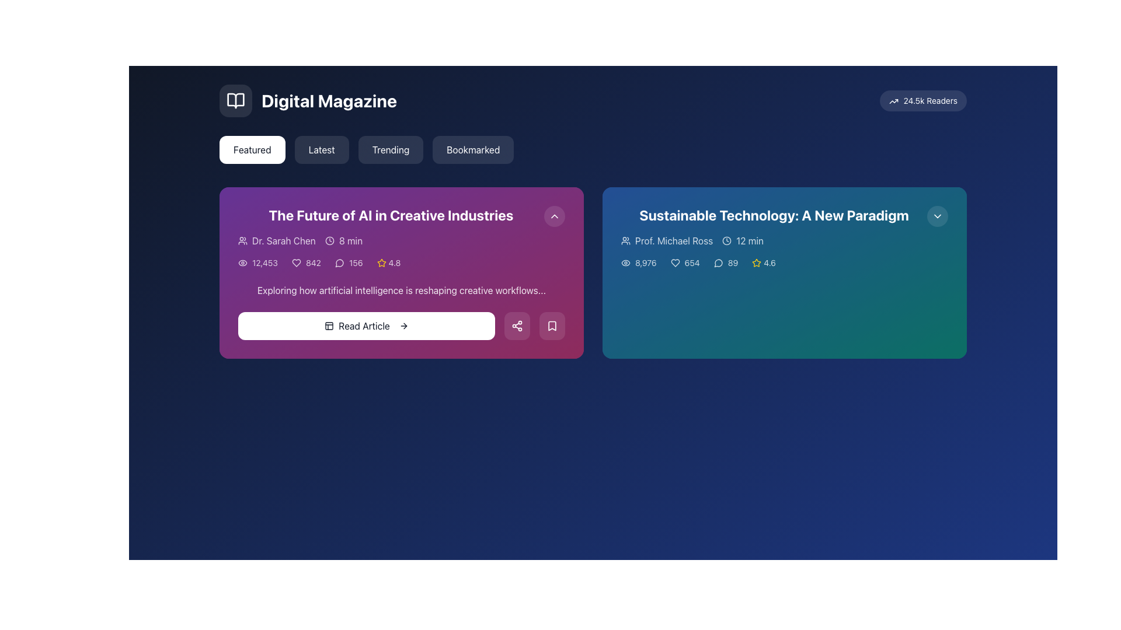 This screenshot has width=1121, height=630. Describe the element at coordinates (329, 240) in the screenshot. I see `the time icon located to the left of the '8 min' text` at that location.